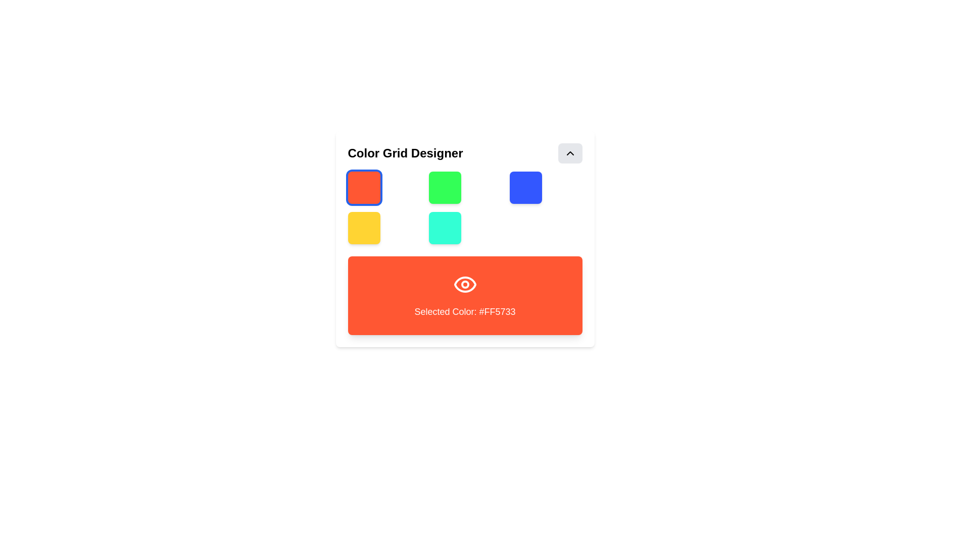 This screenshot has width=970, height=545. I want to click on the color selection item located in the third column of the first row of the 'Color Grid Designer', so click(525, 187).